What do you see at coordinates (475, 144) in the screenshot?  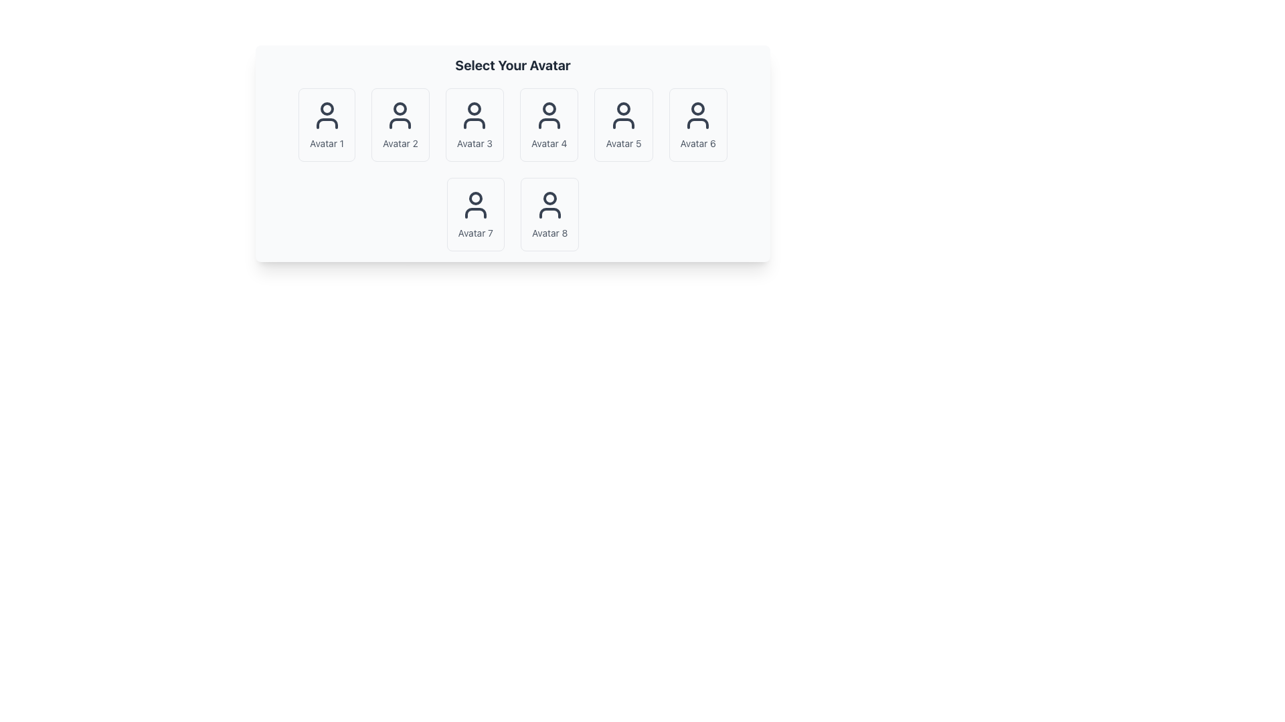 I see `the text label reading 'Avatar 3', which is styled with a smaller font size and muted gray color, located beneath the user avatar icon in the grid layout` at bounding box center [475, 144].